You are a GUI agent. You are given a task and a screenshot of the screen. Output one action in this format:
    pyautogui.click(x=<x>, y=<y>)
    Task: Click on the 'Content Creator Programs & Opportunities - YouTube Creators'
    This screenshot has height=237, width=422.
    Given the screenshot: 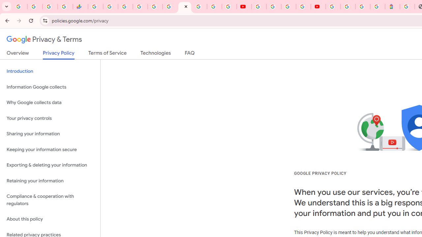 What is the action you would take?
    pyautogui.click(x=318, y=7)
    